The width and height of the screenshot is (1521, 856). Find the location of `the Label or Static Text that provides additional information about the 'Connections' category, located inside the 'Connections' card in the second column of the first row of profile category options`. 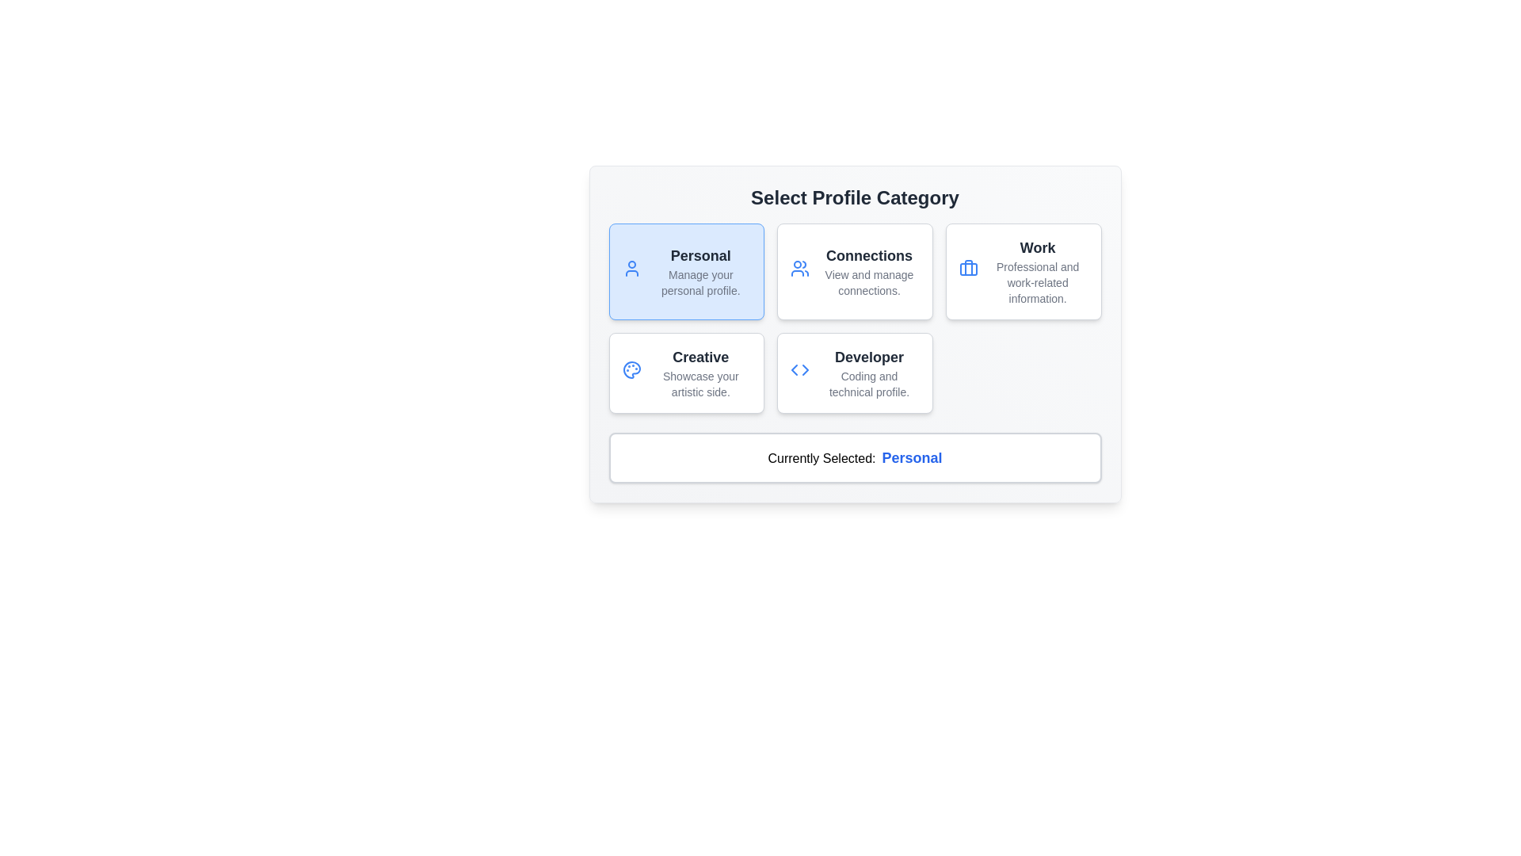

the Label or Static Text that provides additional information about the 'Connections' category, located inside the 'Connections' card in the second column of the first row of profile category options is located at coordinates (868, 282).